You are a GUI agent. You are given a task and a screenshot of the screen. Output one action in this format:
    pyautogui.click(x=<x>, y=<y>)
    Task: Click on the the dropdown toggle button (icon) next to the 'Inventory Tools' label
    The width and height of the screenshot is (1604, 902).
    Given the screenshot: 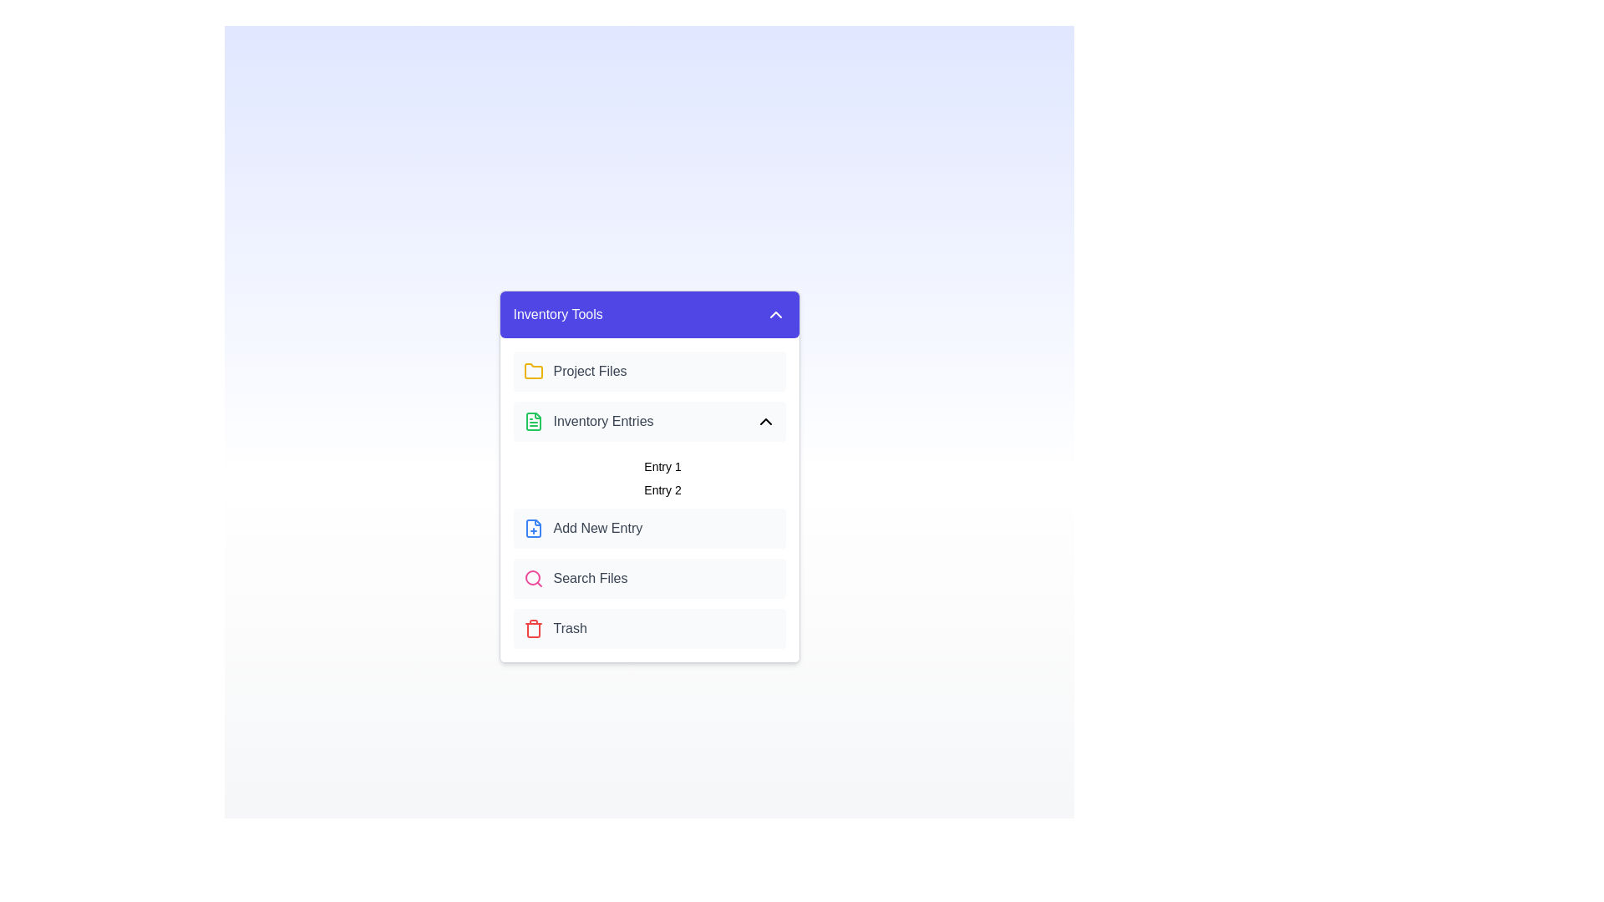 What is the action you would take?
    pyautogui.click(x=774, y=315)
    